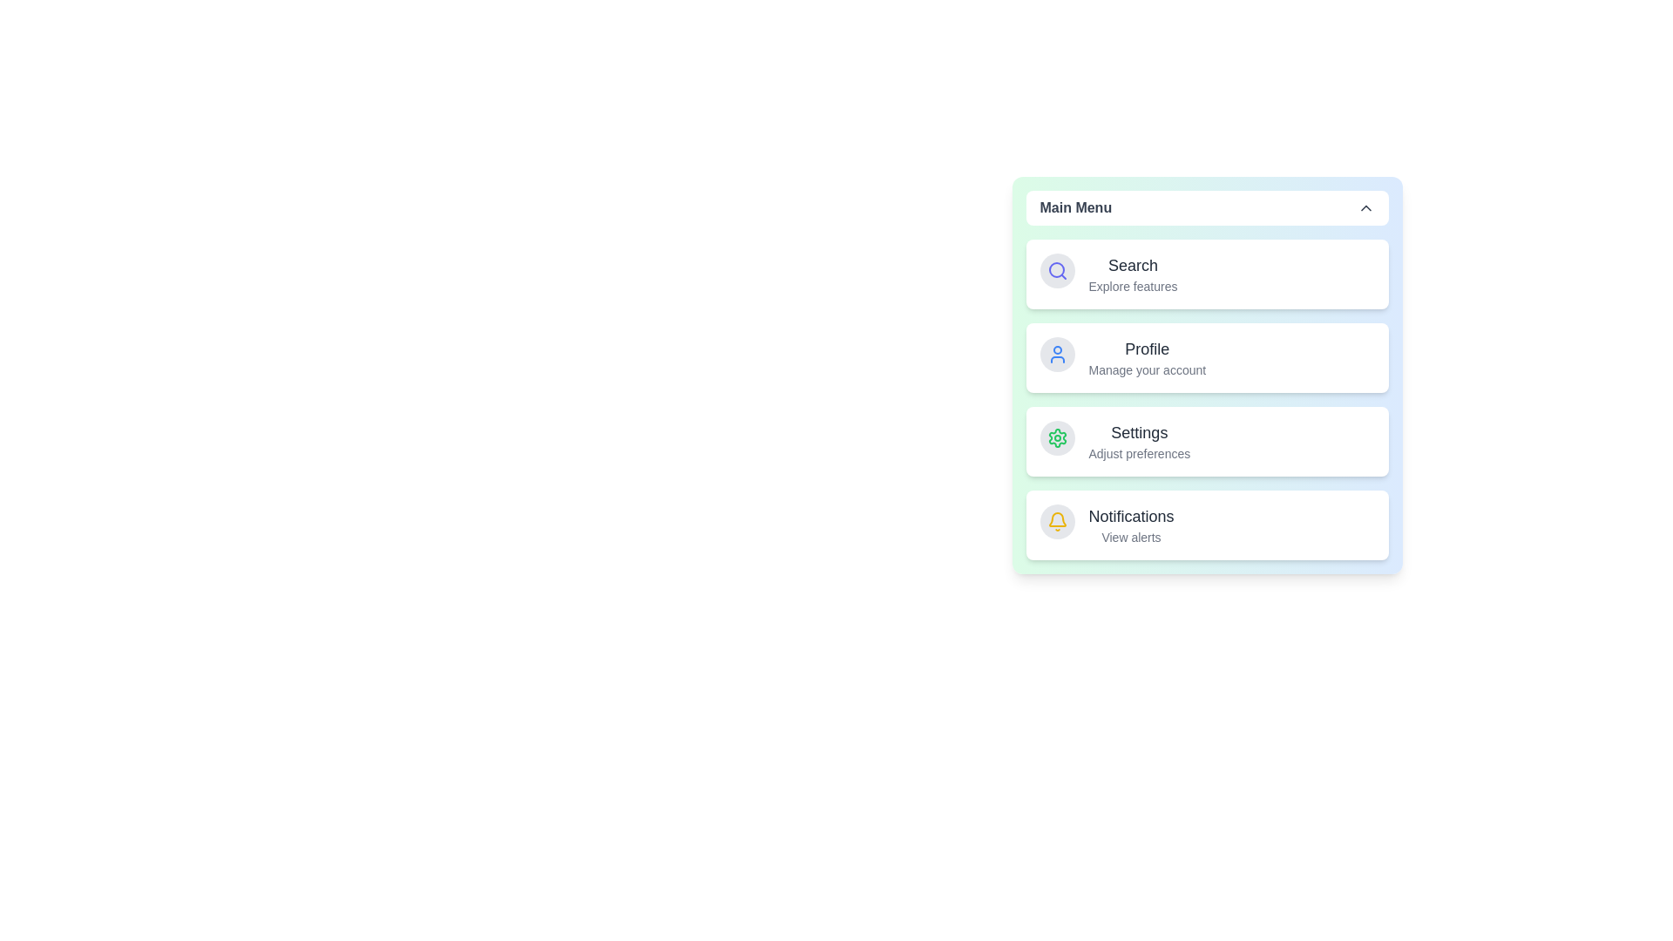  I want to click on the menu item corresponding to Search, so click(1206, 274).